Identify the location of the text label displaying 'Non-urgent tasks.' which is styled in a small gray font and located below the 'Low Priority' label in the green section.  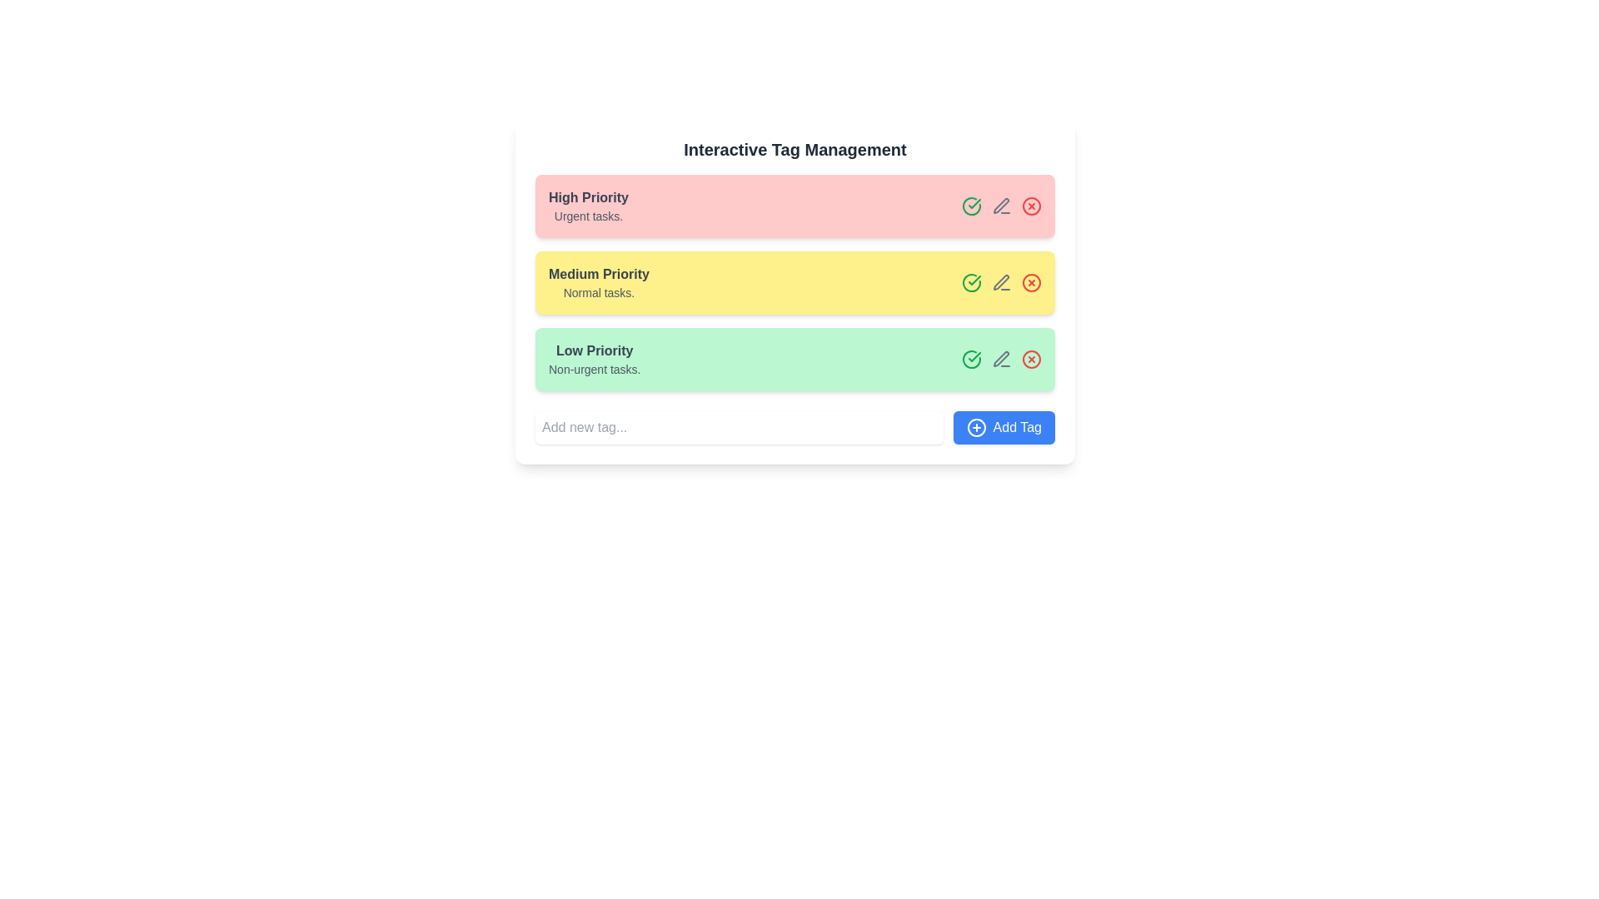
(595, 368).